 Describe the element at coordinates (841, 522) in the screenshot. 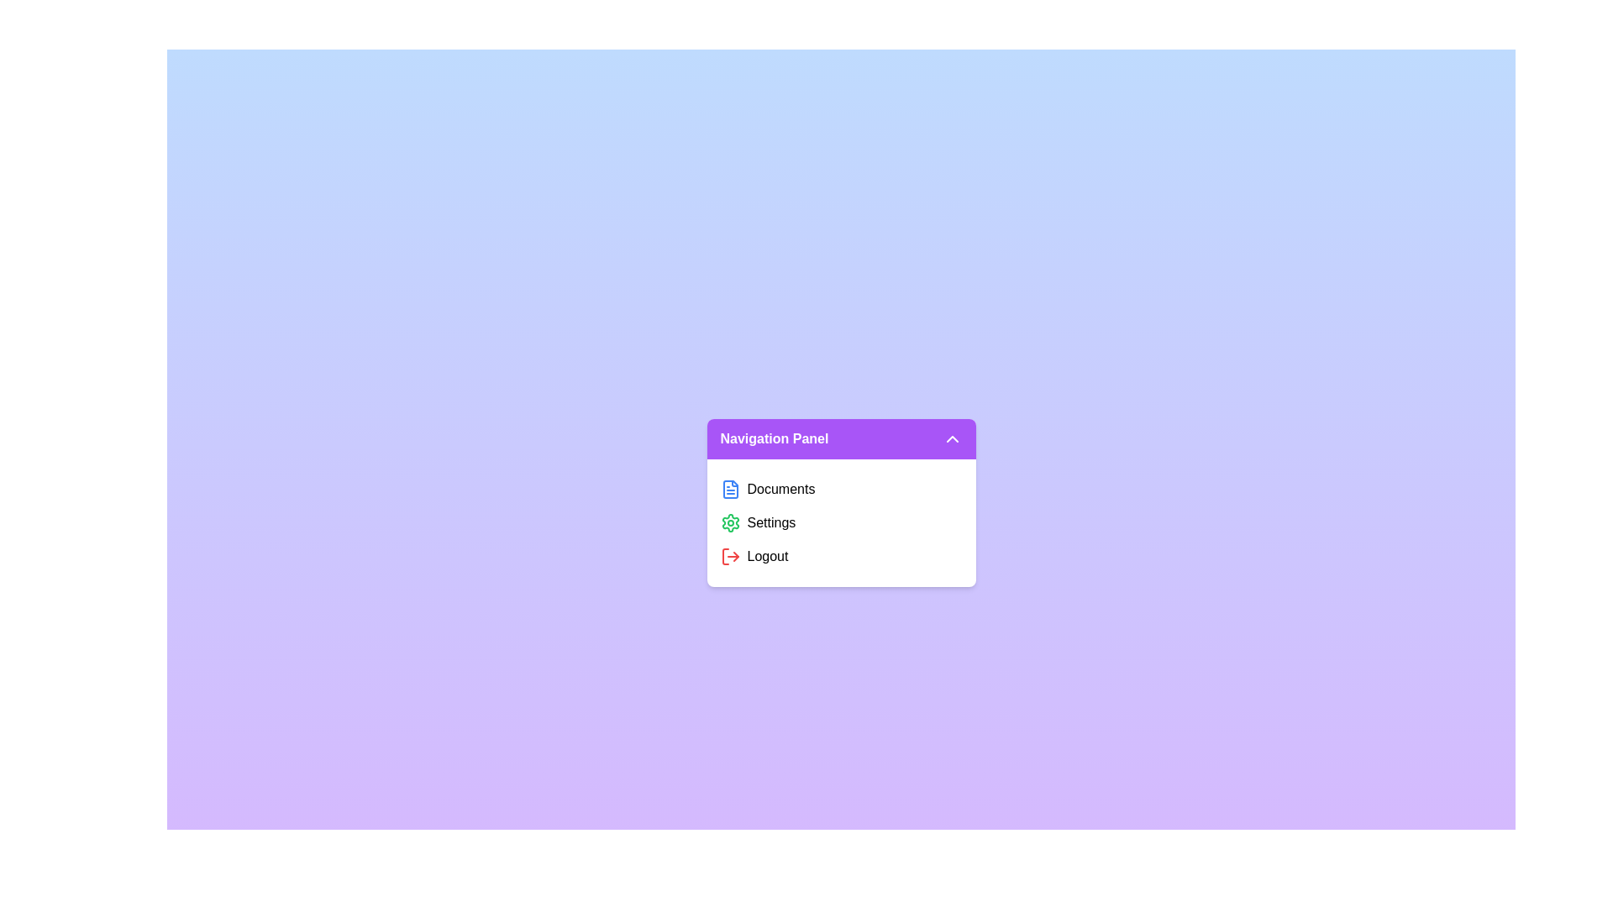

I see `the 'Settings' button to access settings` at that location.